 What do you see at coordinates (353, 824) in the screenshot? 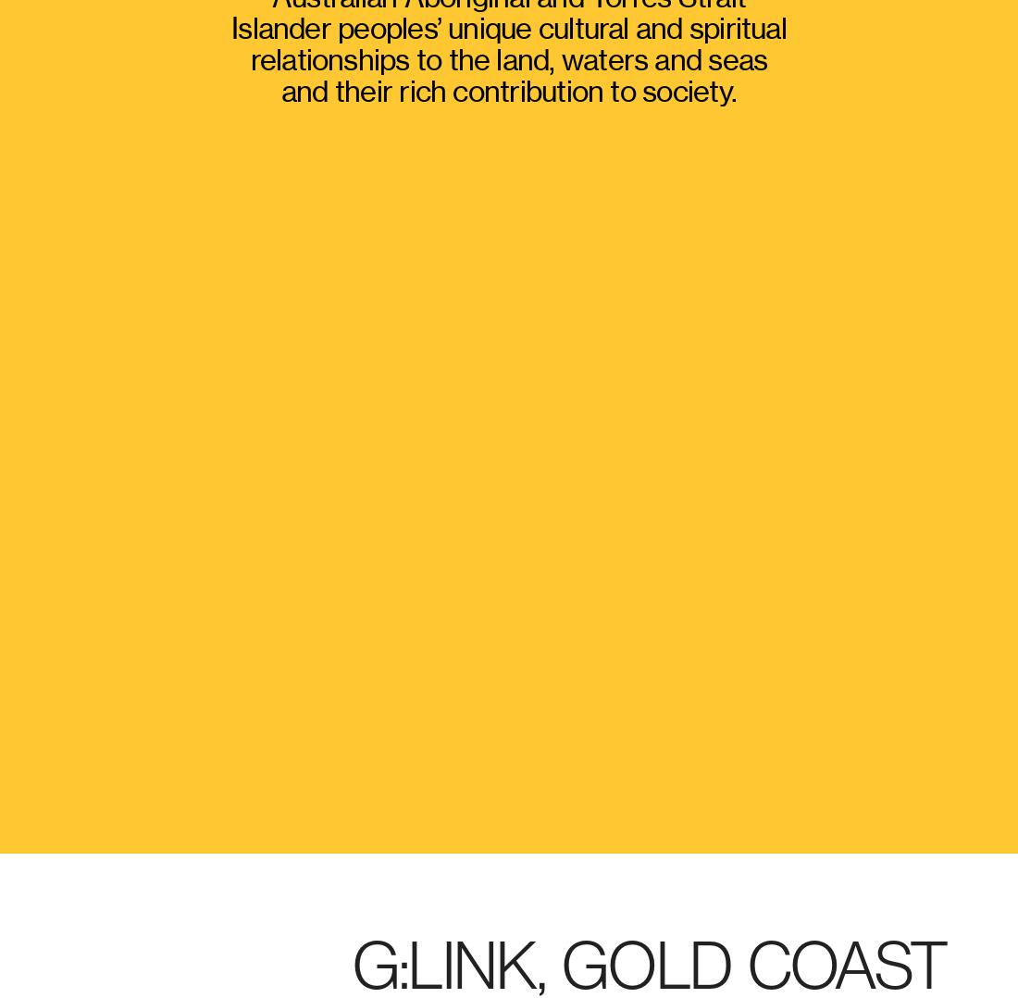
I see `'. For full details on how we manage data, read our'` at bounding box center [353, 824].